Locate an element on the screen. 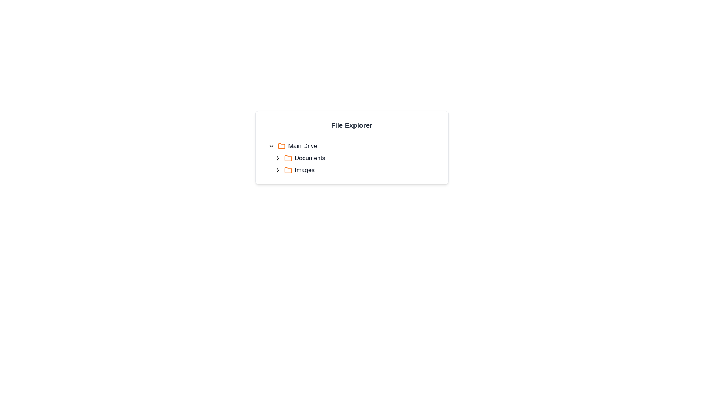 The height and width of the screenshot is (407, 725). the folder icon representing 'Main Drive' in the left panel of the file explorer is located at coordinates (281, 146).